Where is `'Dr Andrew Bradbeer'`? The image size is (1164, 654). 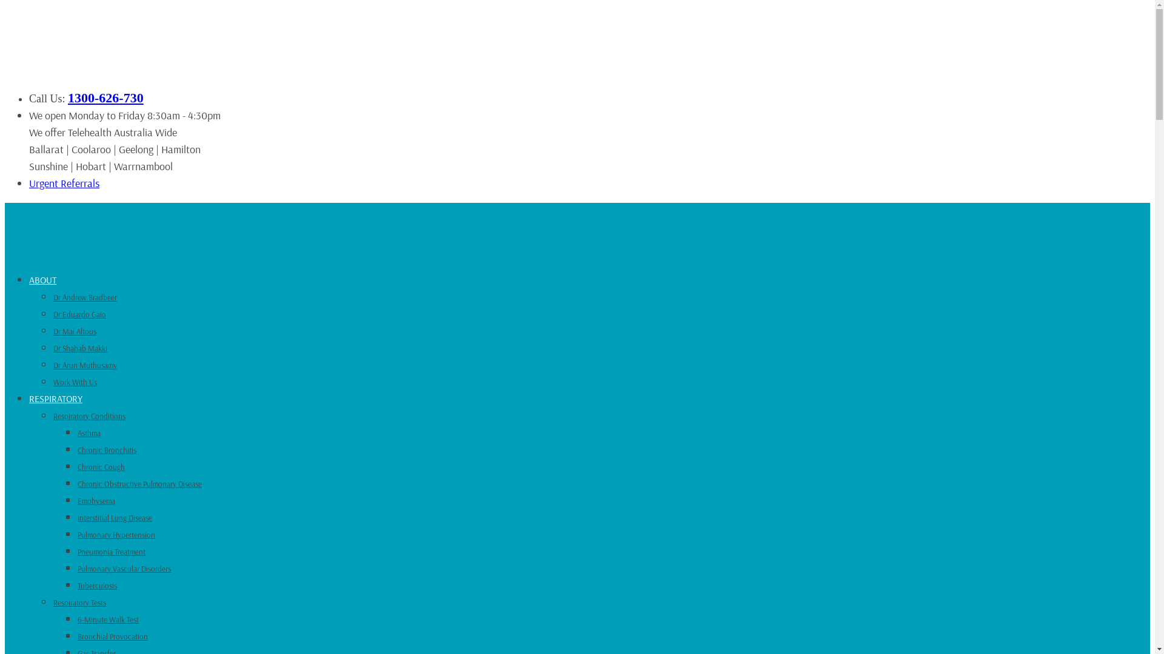 'Dr Andrew Bradbeer' is located at coordinates (84, 297).